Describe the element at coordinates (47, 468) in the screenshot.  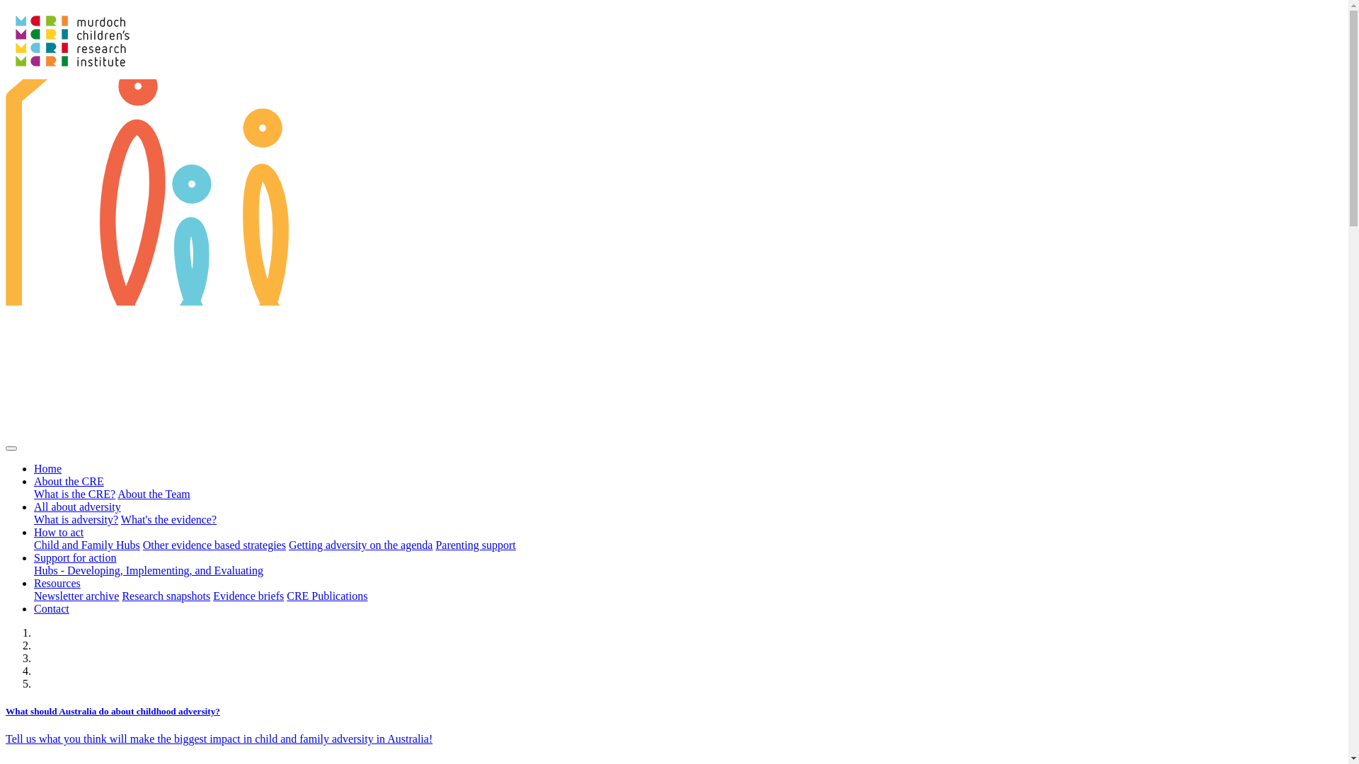
I see `'Home'` at that location.